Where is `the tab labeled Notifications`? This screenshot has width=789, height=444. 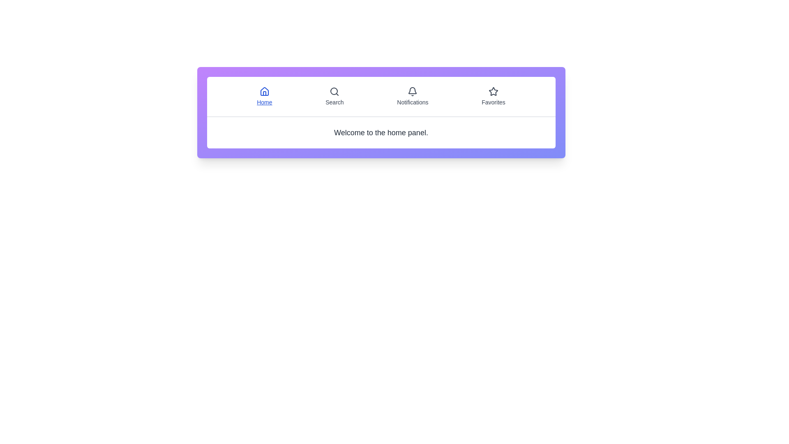
the tab labeled Notifications is located at coordinates (413, 96).